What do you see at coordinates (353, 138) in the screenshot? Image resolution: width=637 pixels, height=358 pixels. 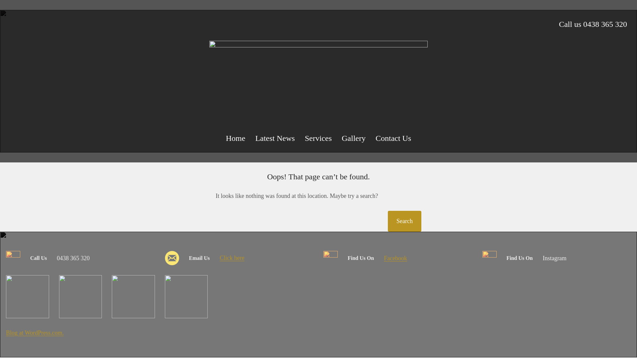 I see `'Gallery'` at bounding box center [353, 138].